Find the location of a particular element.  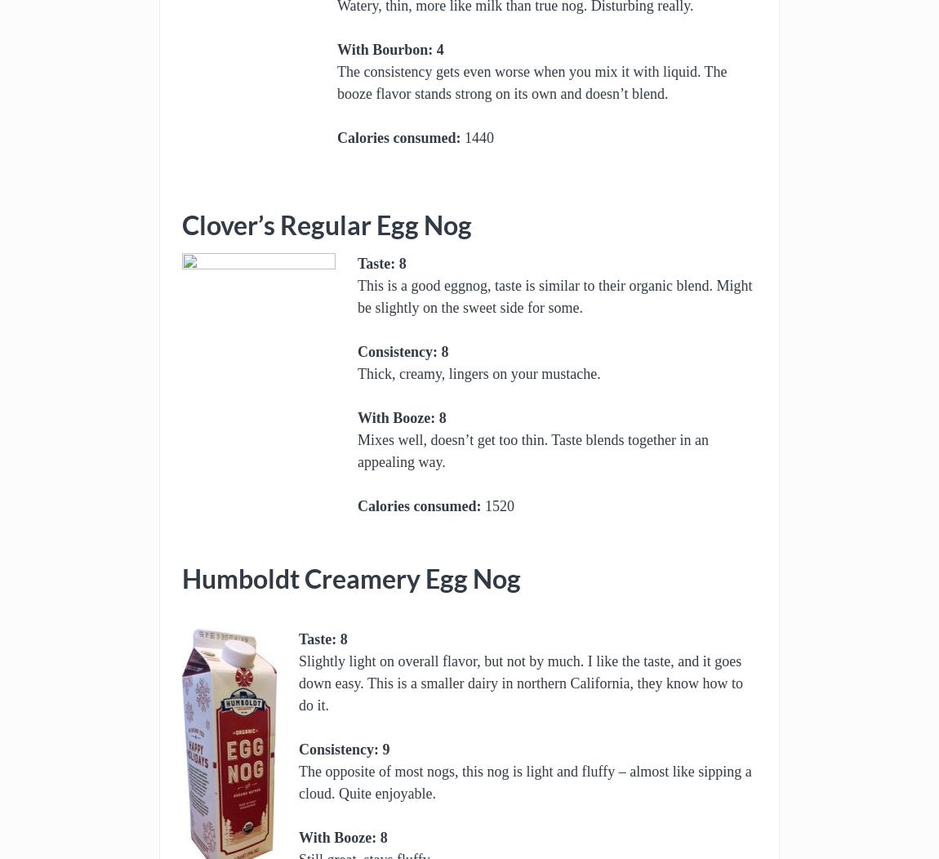

'Thick, creamy, lingers on your mustache.' is located at coordinates (478, 372).